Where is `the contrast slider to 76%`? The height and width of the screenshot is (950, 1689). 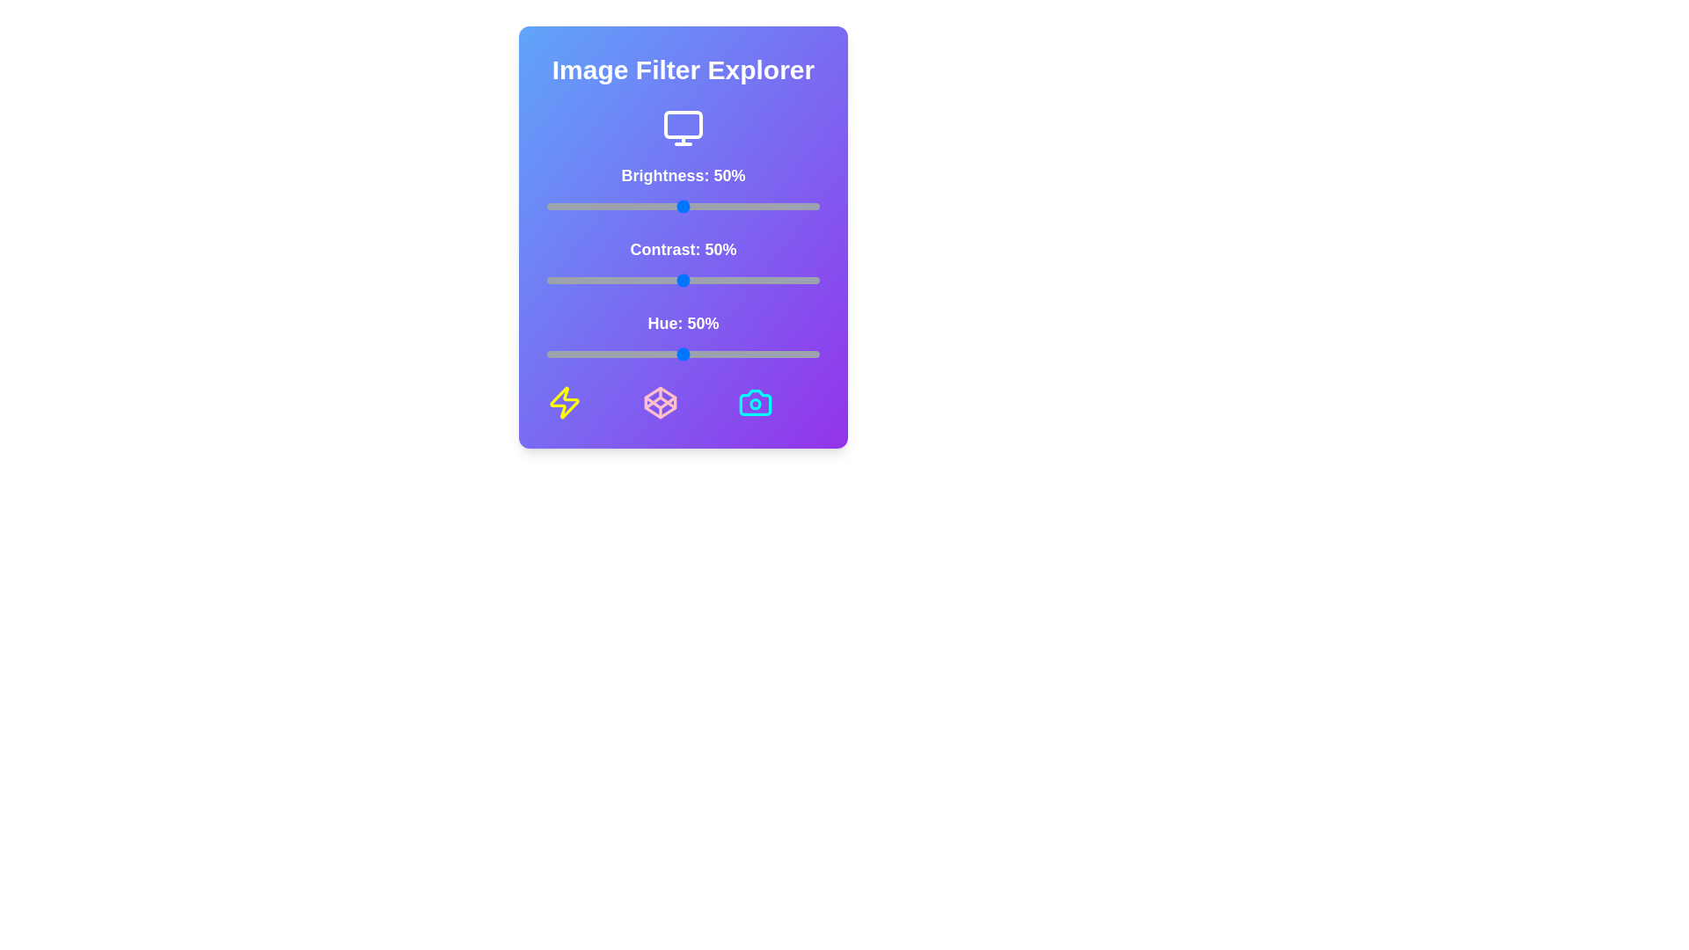
the contrast slider to 76% is located at coordinates (754, 280).